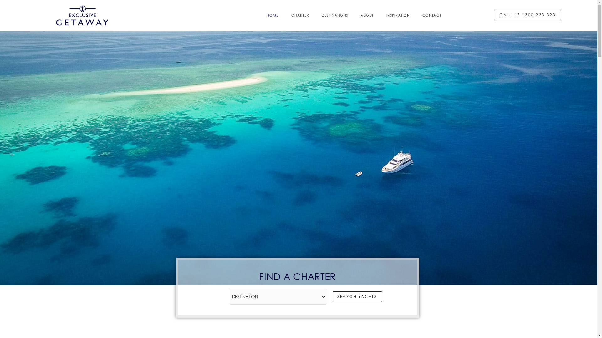  I want to click on 'INSPIRATION', so click(398, 26).